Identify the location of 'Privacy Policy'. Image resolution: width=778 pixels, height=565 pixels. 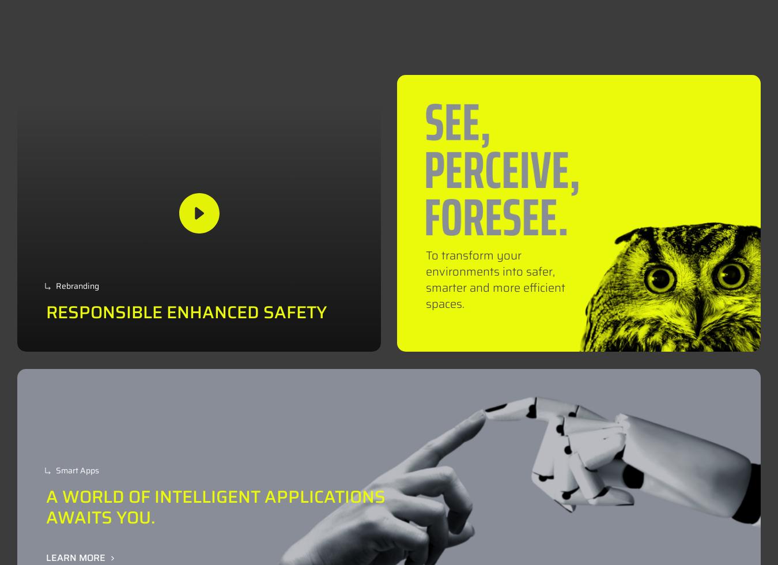
(629, 209).